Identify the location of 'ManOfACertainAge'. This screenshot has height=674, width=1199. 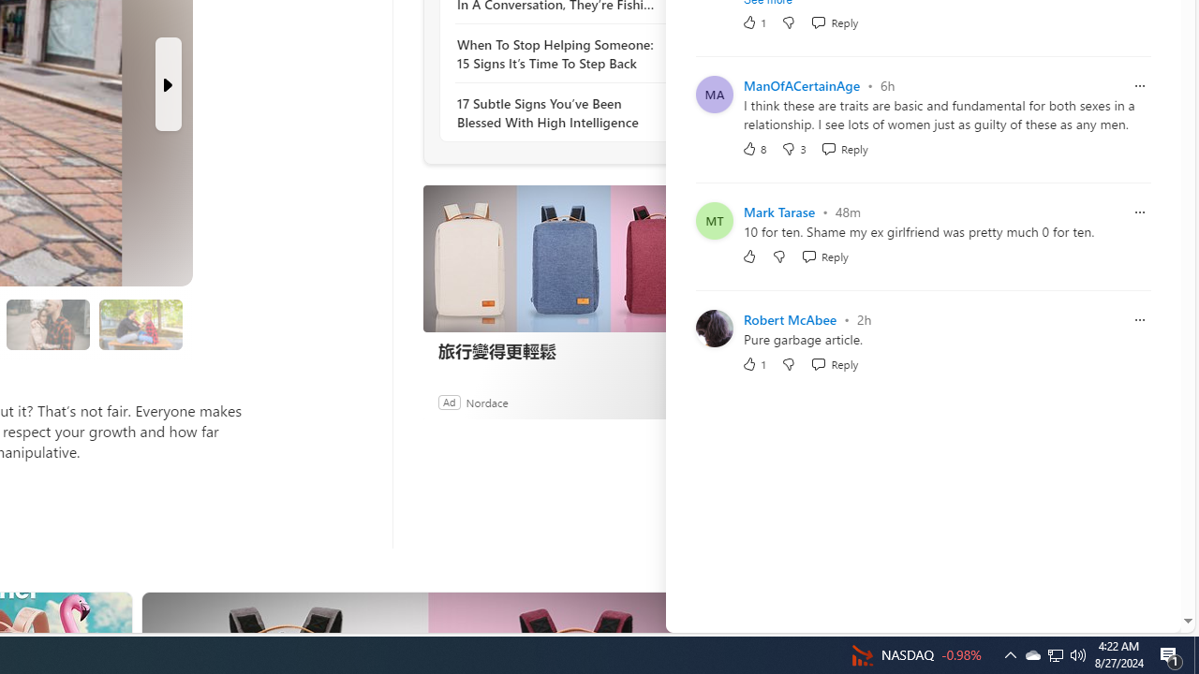
(802, 85).